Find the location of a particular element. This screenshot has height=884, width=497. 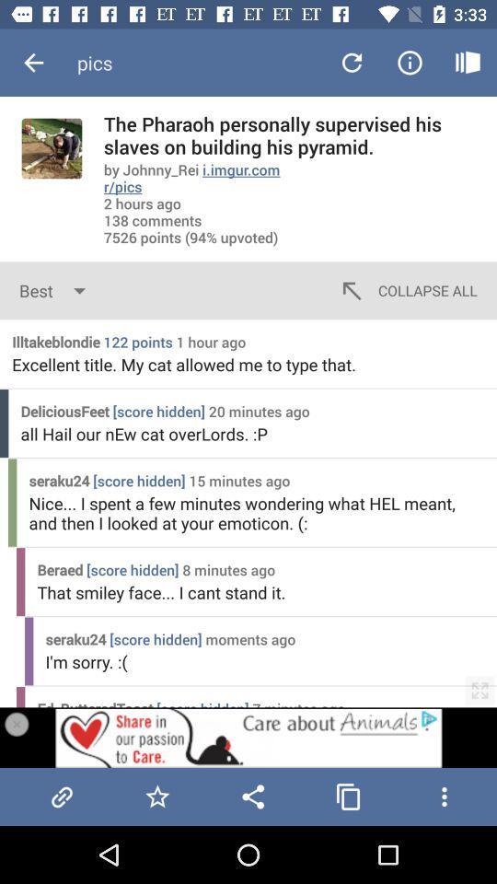

the copy icon is located at coordinates (348, 796).